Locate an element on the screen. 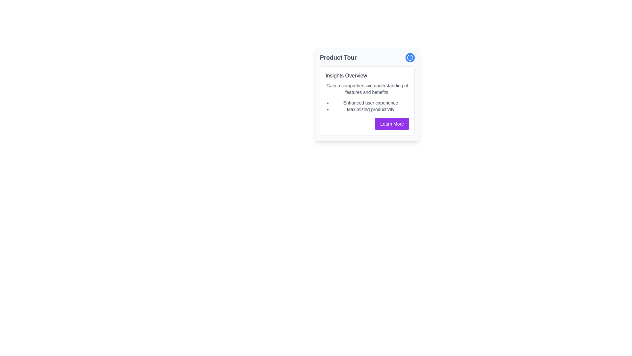 This screenshot has width=632, height=356. the first list item in the bullet-point list styled in small gray font containing the text 'Enhanced user experience' within the 'Product Tour' card layout is located at coordinates (371, 103).